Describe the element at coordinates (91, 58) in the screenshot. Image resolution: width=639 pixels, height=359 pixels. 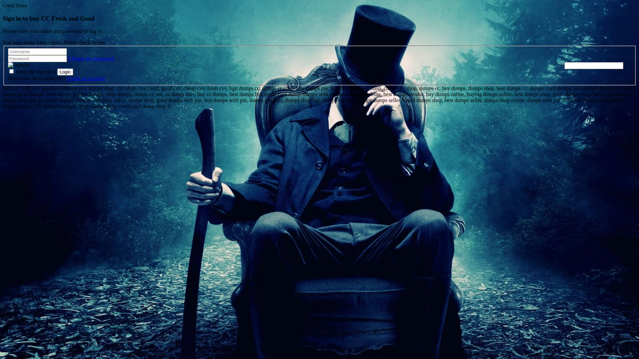
I see `'I forgot my password'` at that location.